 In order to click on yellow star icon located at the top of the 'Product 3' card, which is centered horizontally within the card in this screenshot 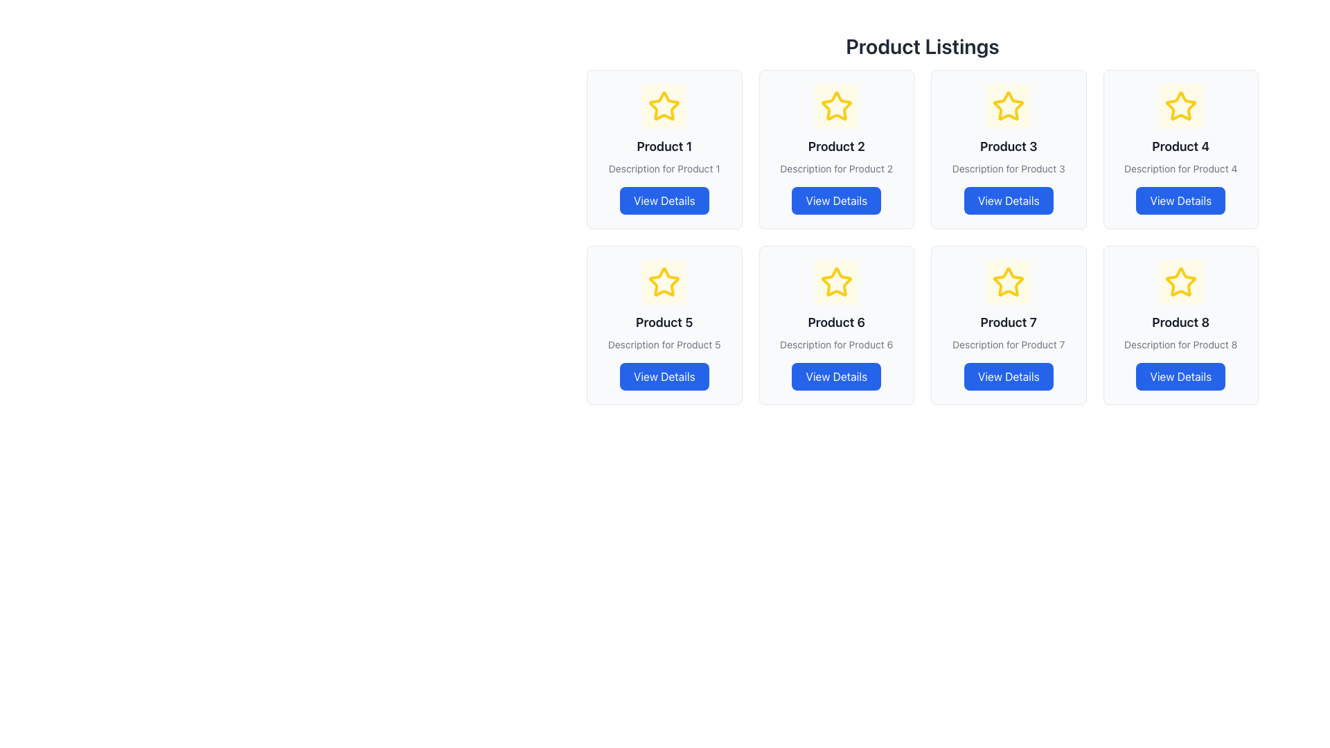, I will do `click(1008, 106)`.